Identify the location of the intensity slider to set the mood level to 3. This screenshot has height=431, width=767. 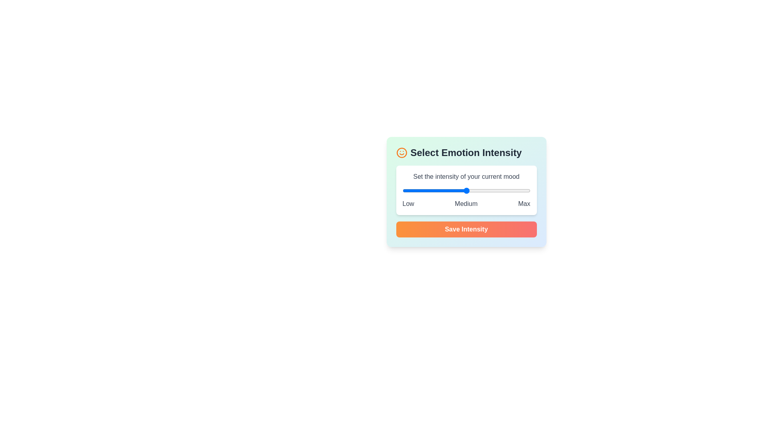
(466, 191).